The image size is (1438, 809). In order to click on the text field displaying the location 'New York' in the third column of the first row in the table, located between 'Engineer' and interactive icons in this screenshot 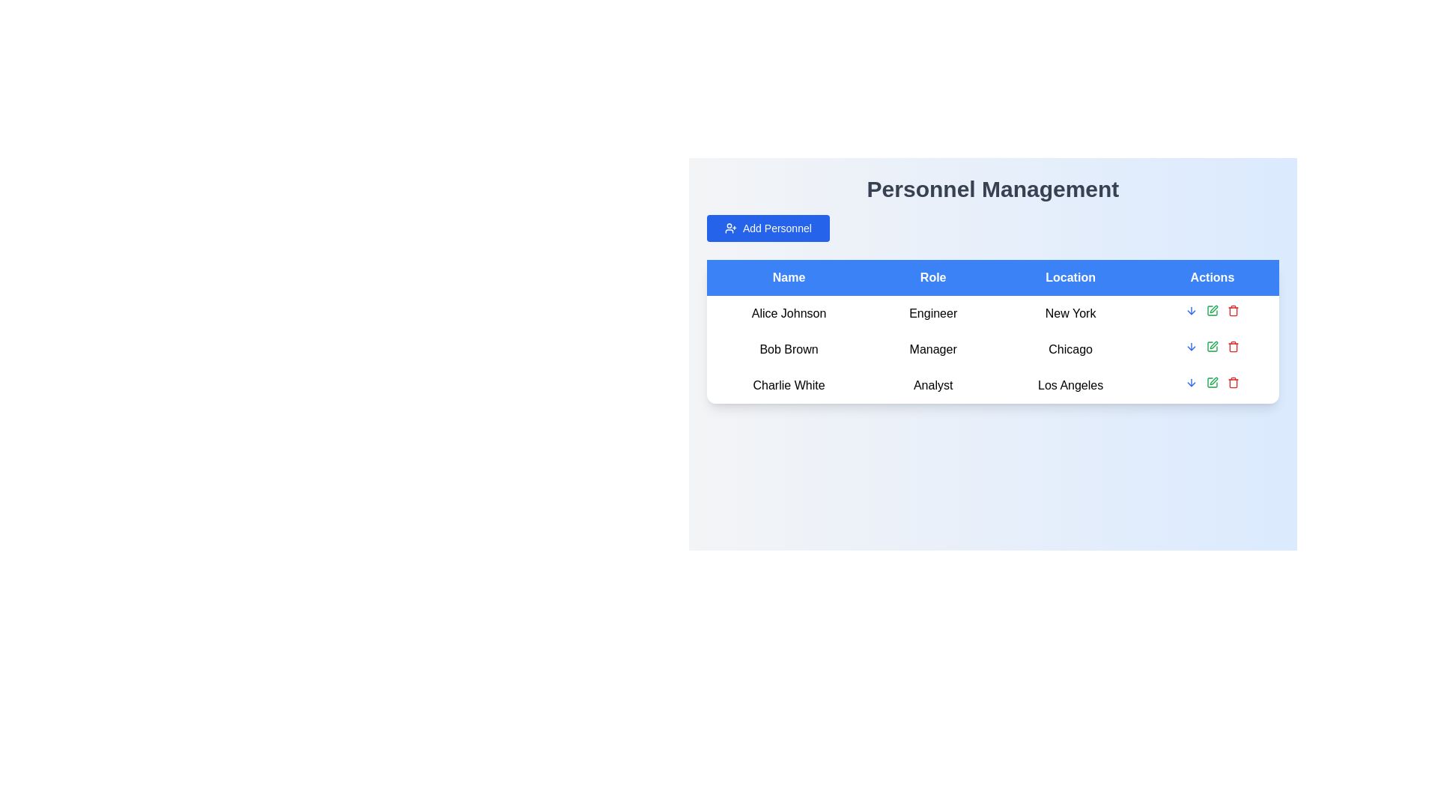, I will do `click(1070, 313)`.